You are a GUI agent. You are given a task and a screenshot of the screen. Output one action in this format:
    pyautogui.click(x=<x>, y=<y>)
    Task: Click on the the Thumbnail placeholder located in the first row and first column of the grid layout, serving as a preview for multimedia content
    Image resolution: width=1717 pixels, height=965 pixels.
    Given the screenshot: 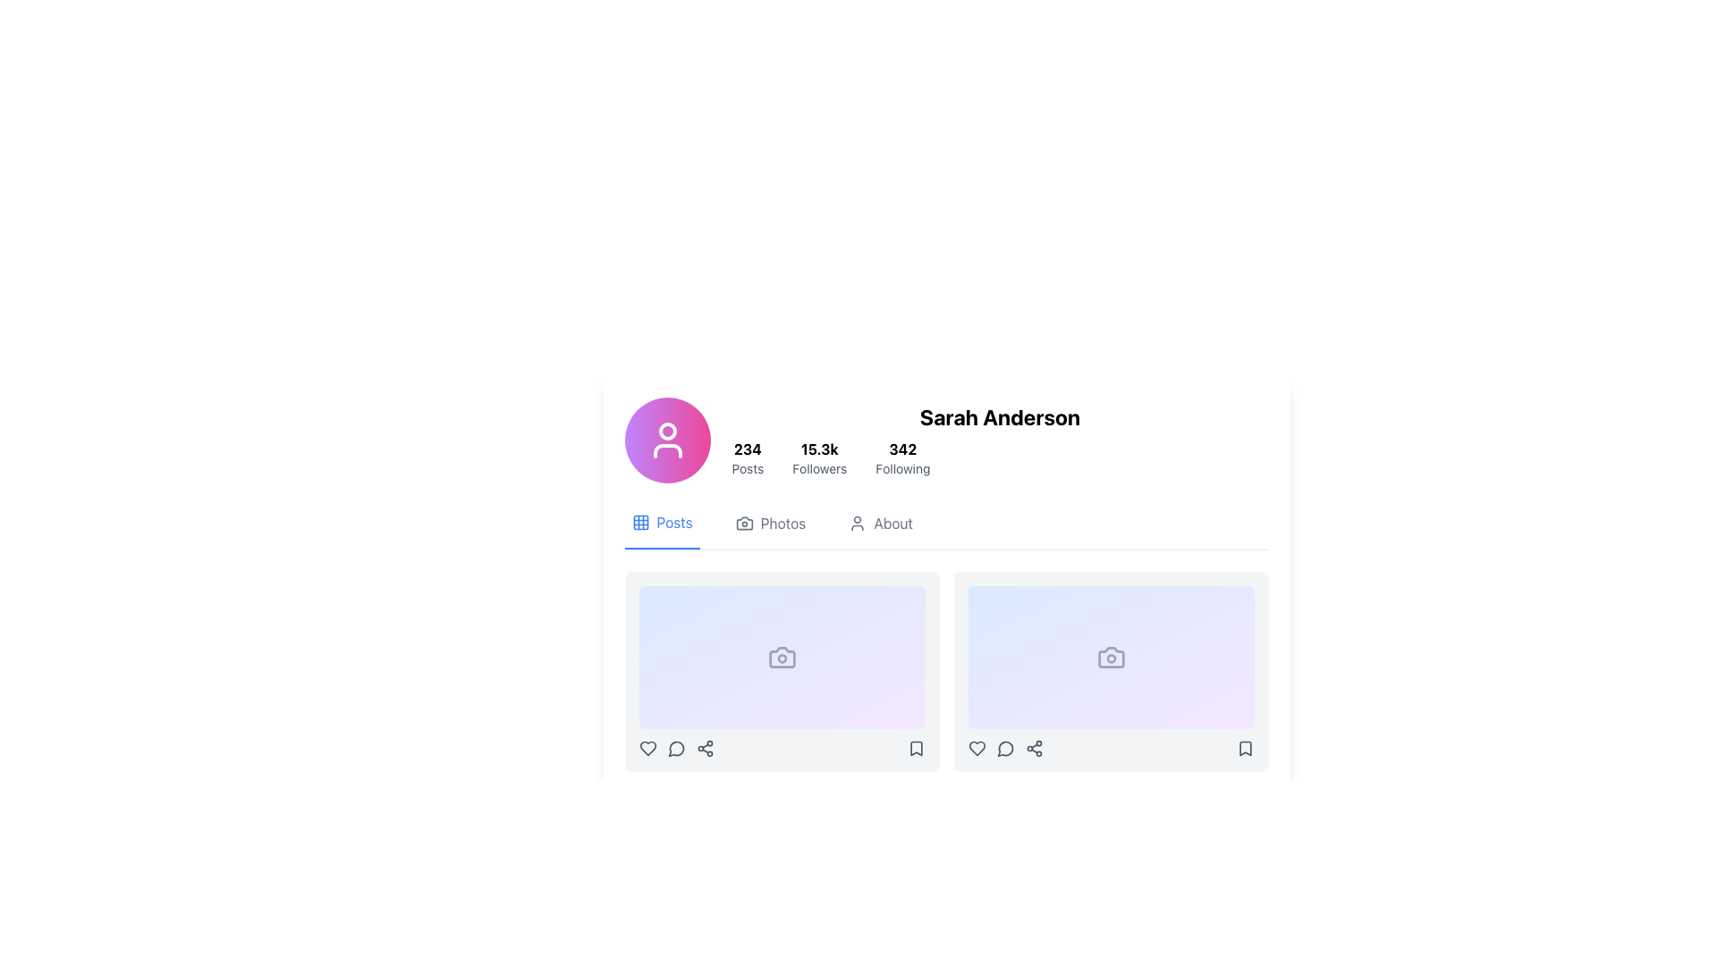 What is the action you would take?
    pyautogui.click(x=729, y=676)
    